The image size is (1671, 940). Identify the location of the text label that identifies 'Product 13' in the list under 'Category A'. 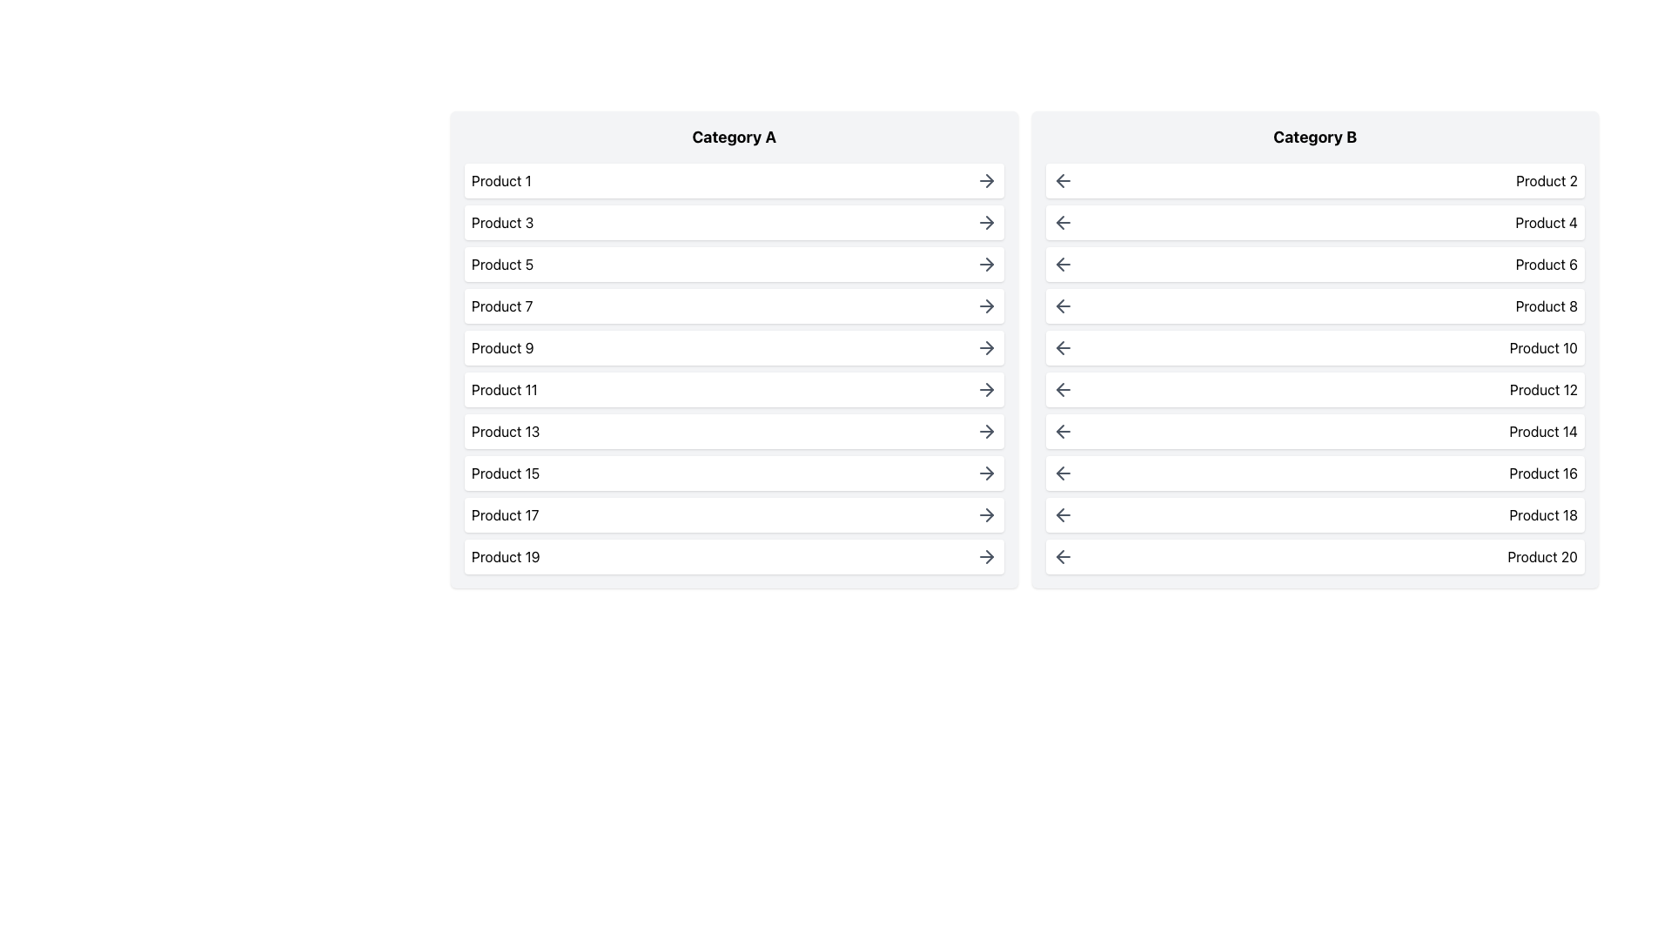
(505, 431).